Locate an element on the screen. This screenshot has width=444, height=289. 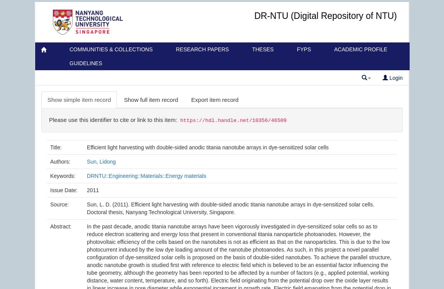
'FYPs' is located at coordinates (303, 49).